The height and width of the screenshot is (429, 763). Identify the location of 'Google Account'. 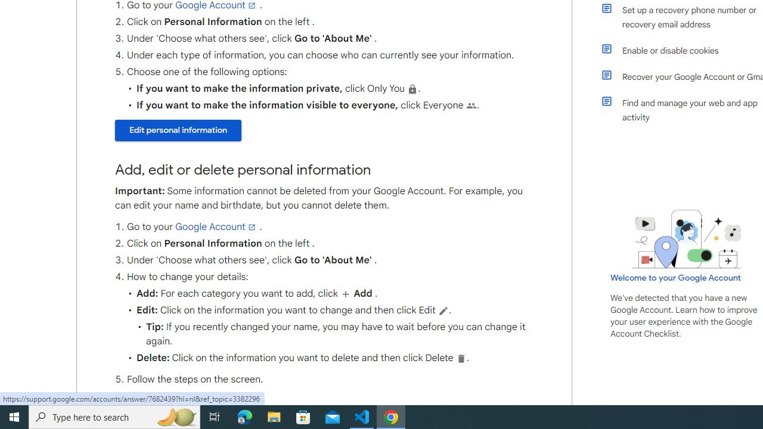
(216, 226).